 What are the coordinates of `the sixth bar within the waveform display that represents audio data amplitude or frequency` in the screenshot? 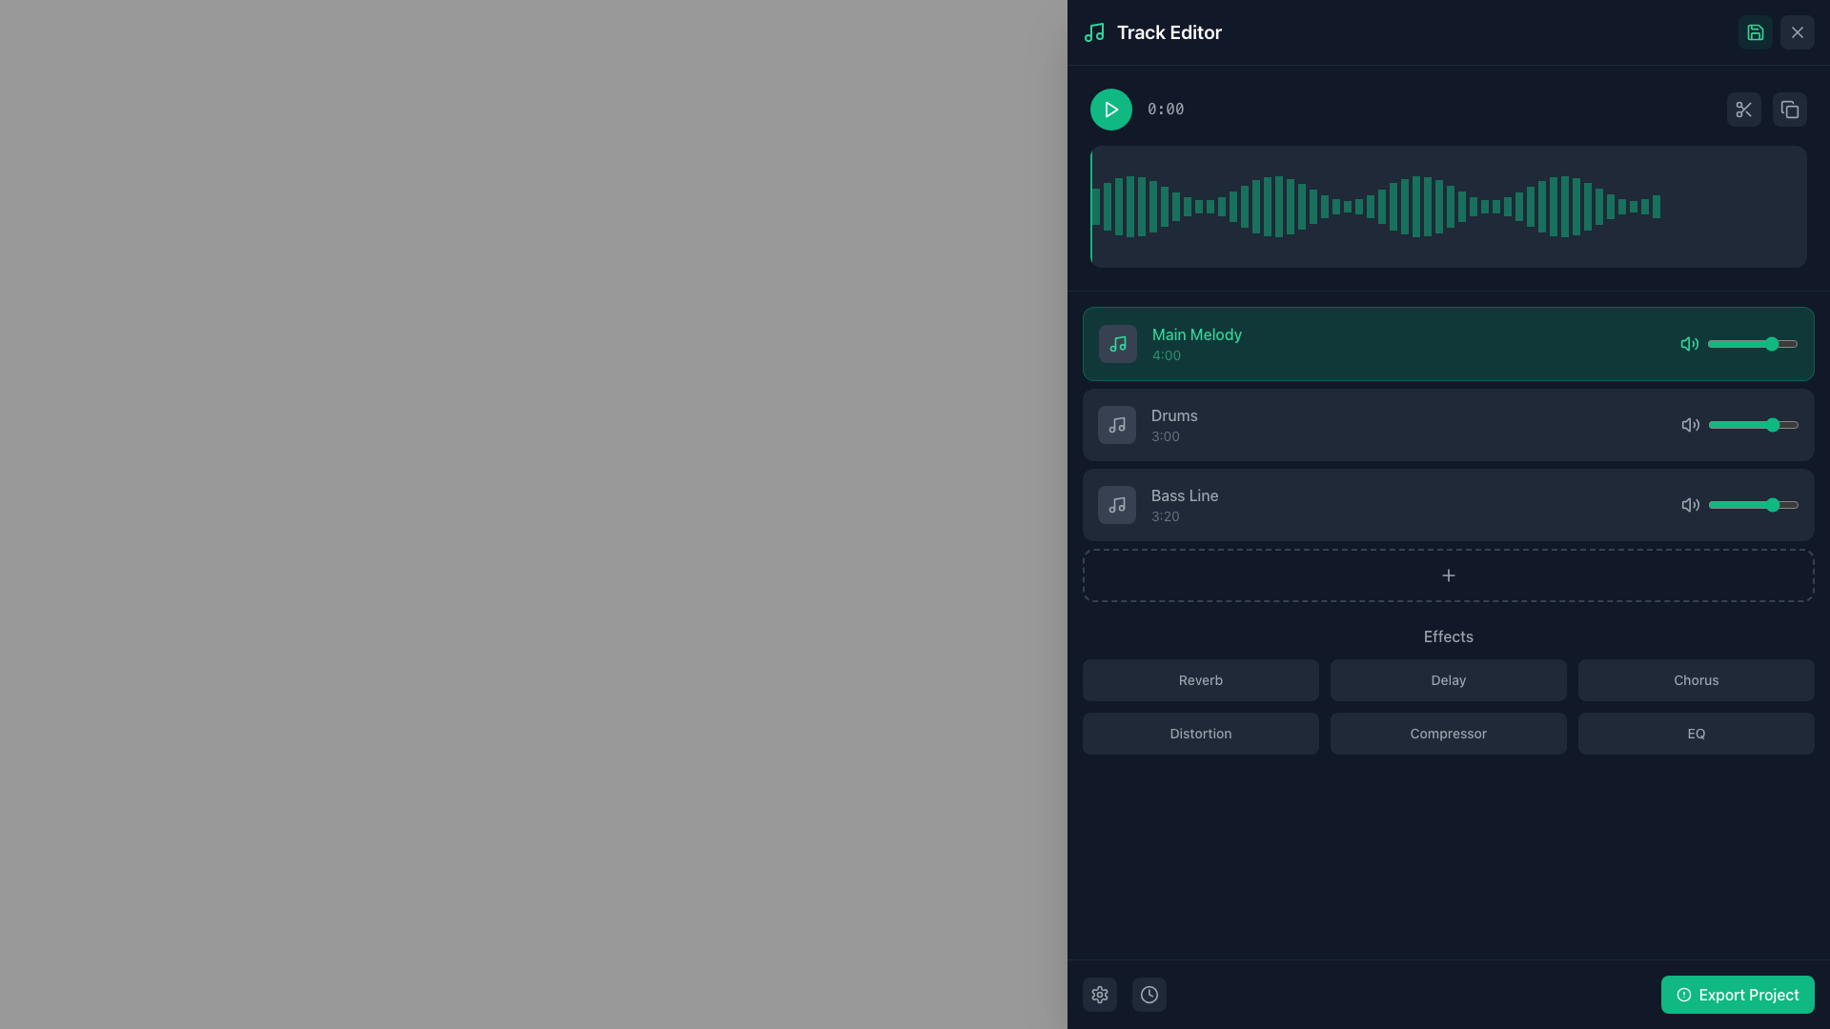 It's located at (1151, 206).